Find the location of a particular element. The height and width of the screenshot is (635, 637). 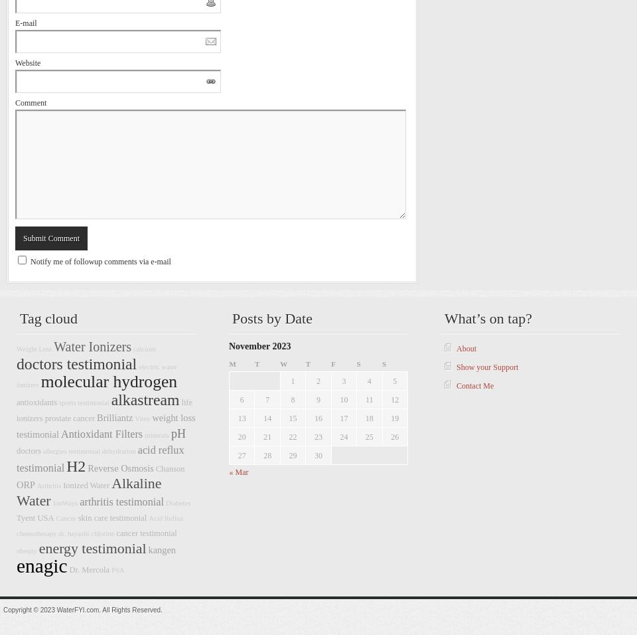

'Cancer' is located at coordinates (65, 517).